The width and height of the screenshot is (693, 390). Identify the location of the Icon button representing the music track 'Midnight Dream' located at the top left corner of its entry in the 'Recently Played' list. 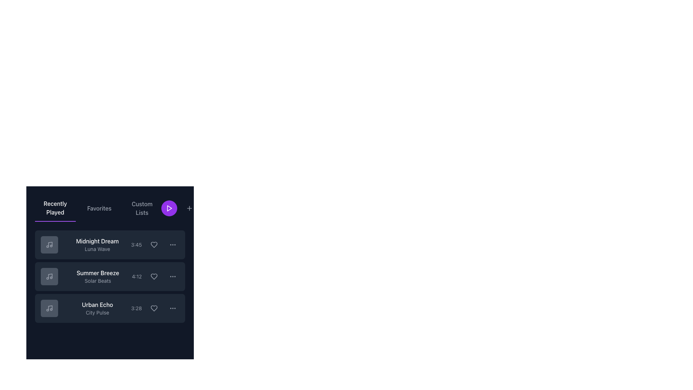
(49, 244).